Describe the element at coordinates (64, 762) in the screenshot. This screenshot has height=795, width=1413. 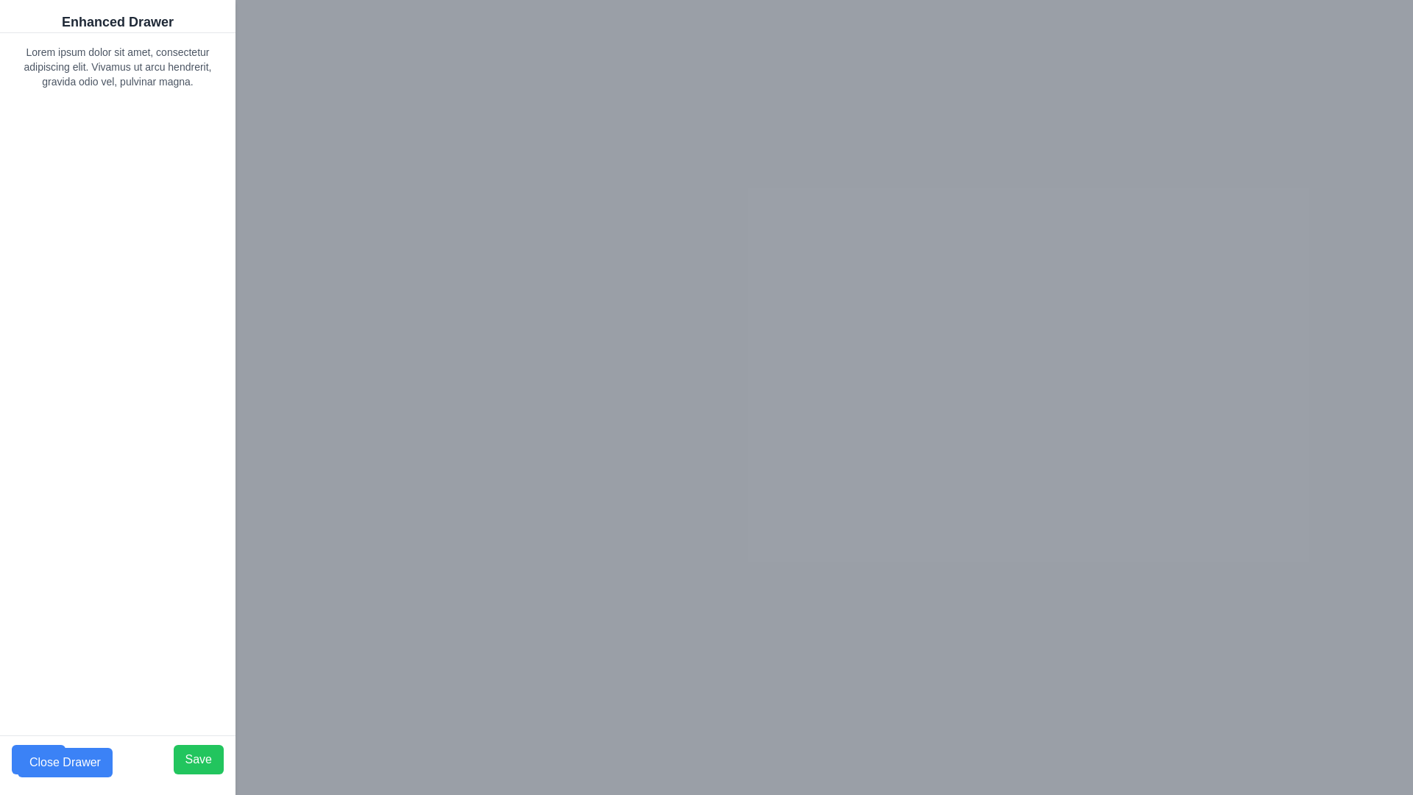
I see `the button located at the bottom-left corner of the interface` at that location.